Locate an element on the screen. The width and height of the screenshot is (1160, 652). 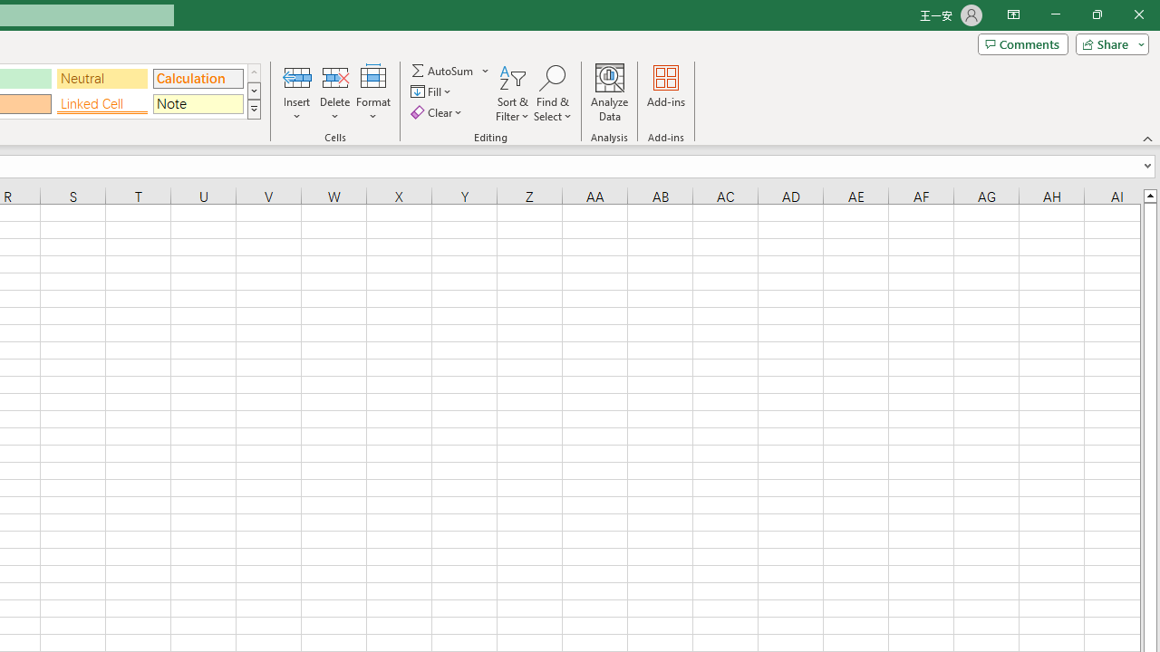
'Class: NetUIImage' is located at coordinates (253, 109).